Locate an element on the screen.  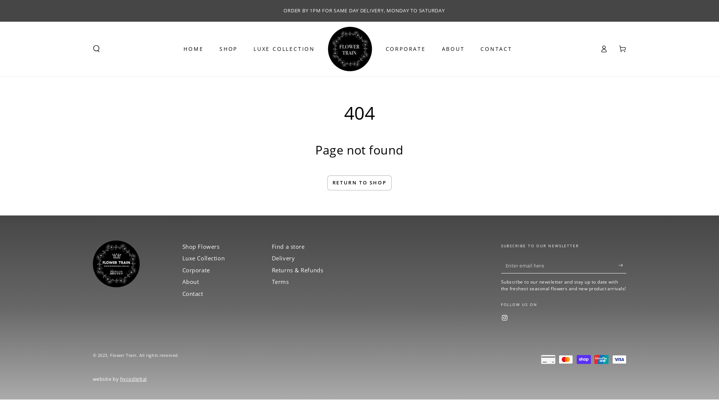
'Cart' is located at coordinates (622, 49).